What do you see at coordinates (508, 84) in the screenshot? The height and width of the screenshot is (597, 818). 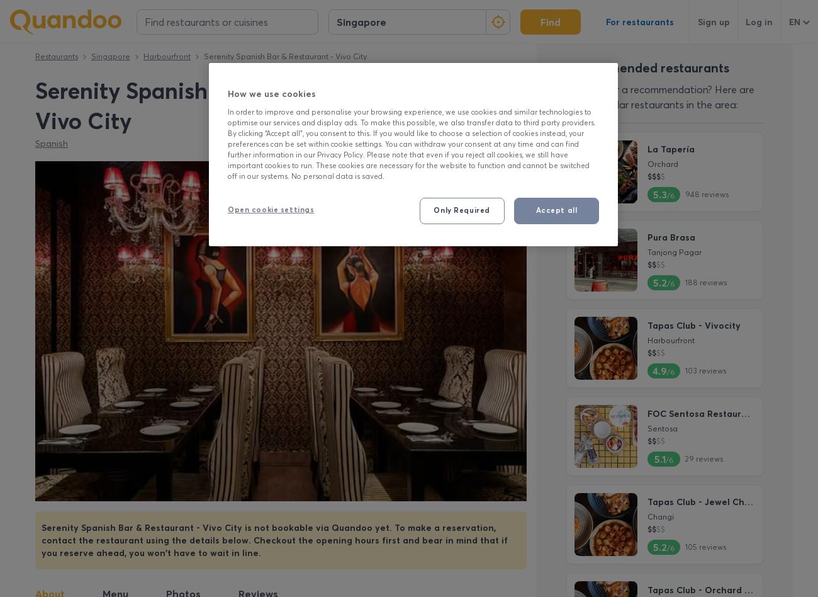 I see `'/'` at bounding box center [508, 84].